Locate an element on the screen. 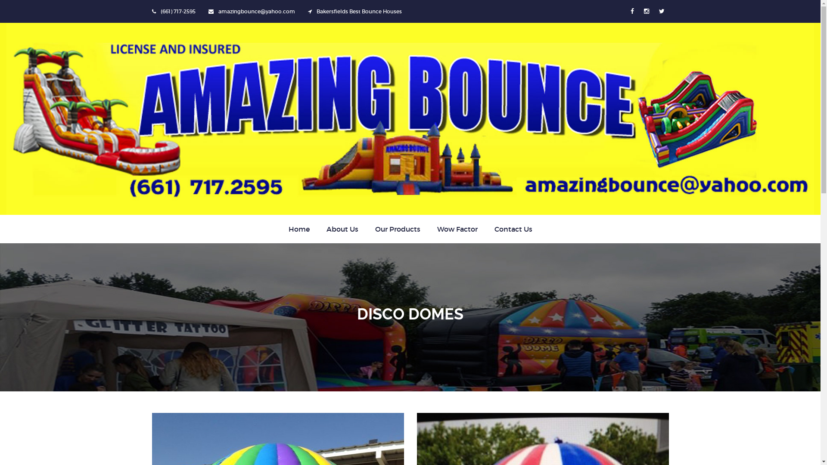 This screenshot has width=827, height=465. 'Contact Us' is located at coordinates (513, 229).